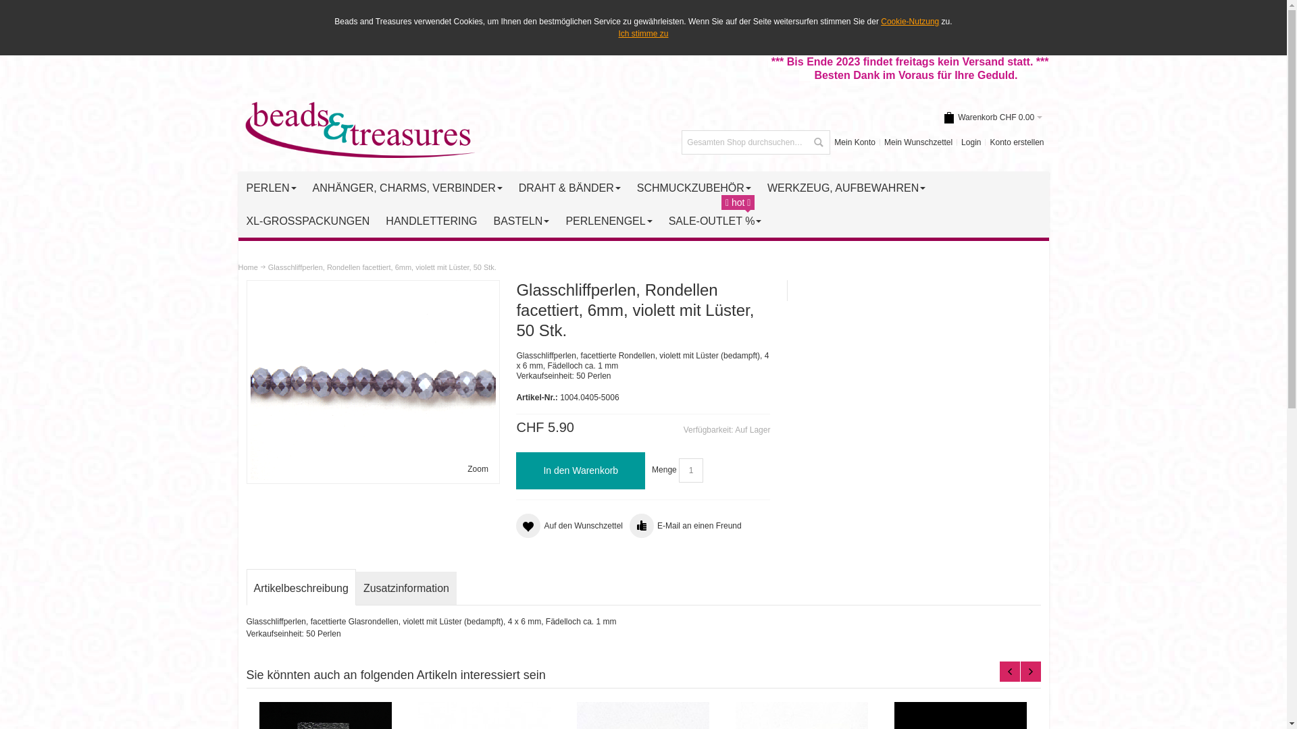 The width and height of the screenshot is (1297, 729). Describe the element at coordinates (270, 188) in the screenshot. I see `'PERLEN '` at that location.